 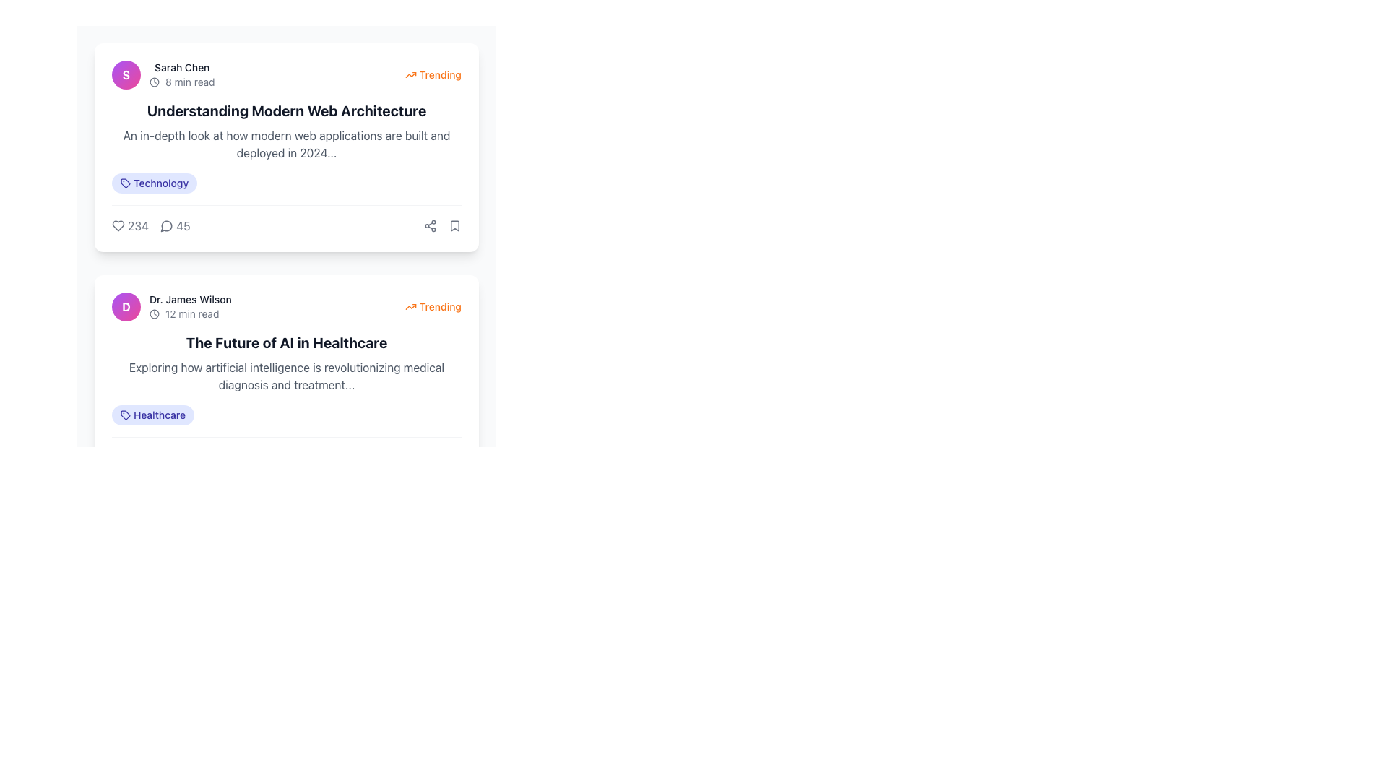 I want to click on the heart outline icon, which is styled with a thin stroke and rounded edges, positioned next to the count '234' in the lower area of an article card layout, so click(x=118, y=225).